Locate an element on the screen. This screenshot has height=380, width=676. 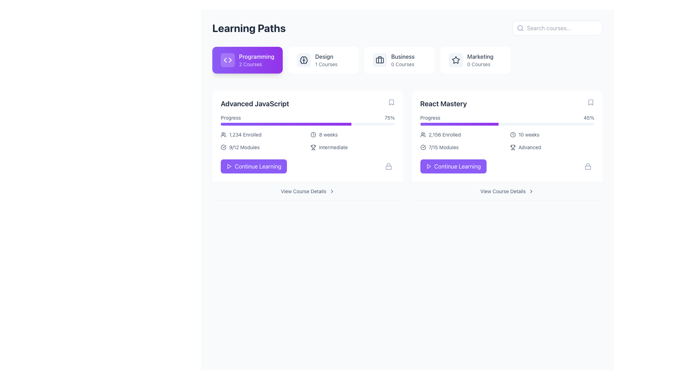
the Progress Bar representing 75% completion of the 'Advanced JavaScript' course, located within a white card on the left side of the interface, below the text 'Progress' and '75%' is located at coordinates (308, 124).